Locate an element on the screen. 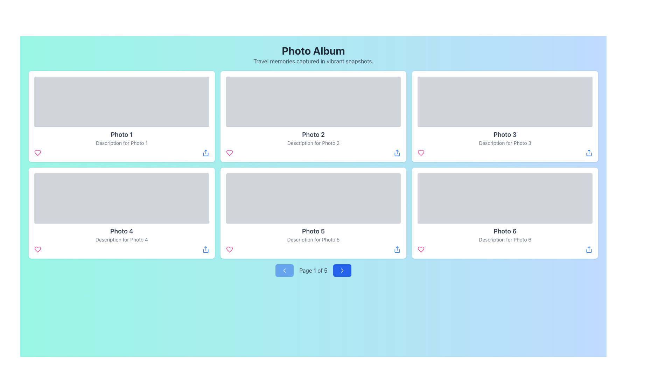 The image size is (672, 378). the text label located in the third card of the grid layout, which serves as a heading for the content displayed is located at coordinates (505, 135).